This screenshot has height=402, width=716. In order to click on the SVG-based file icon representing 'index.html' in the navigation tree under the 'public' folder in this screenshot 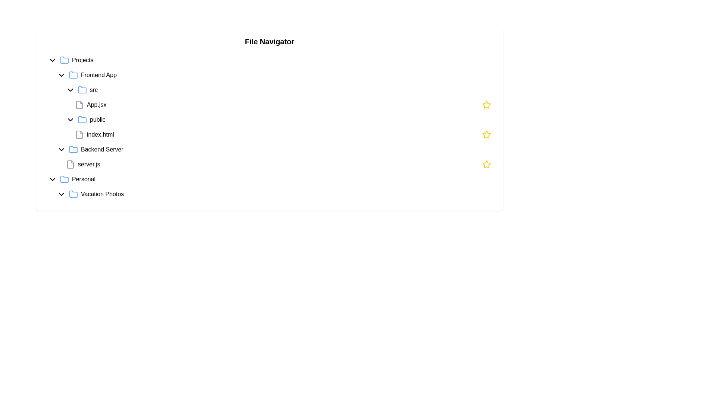, I will do `click(79, 135)`.